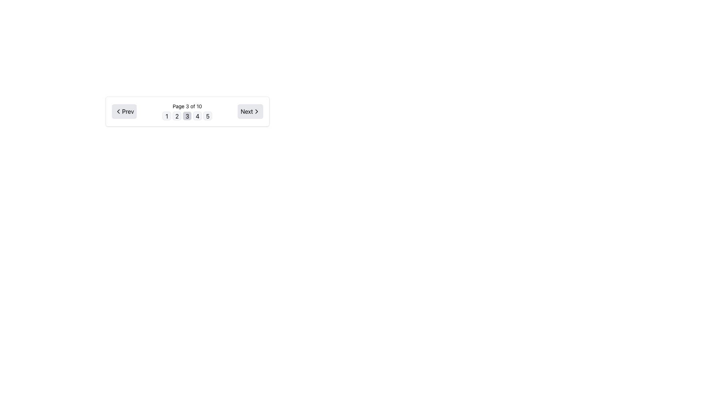 This screenshot has width=702, height=395. I want to click on the pagination button located at the far-right end of the pagination control, so click(250, 111).